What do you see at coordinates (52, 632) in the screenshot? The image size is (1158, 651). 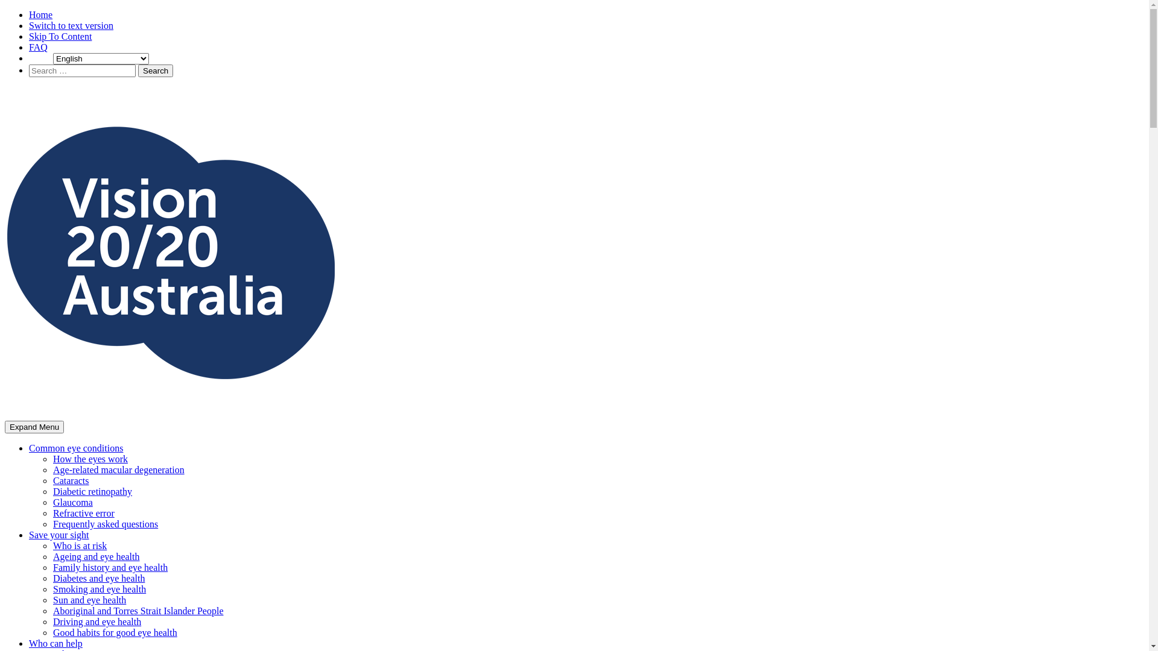 I see `'Good habits for good eye health'` at bounding box center [52, 632].